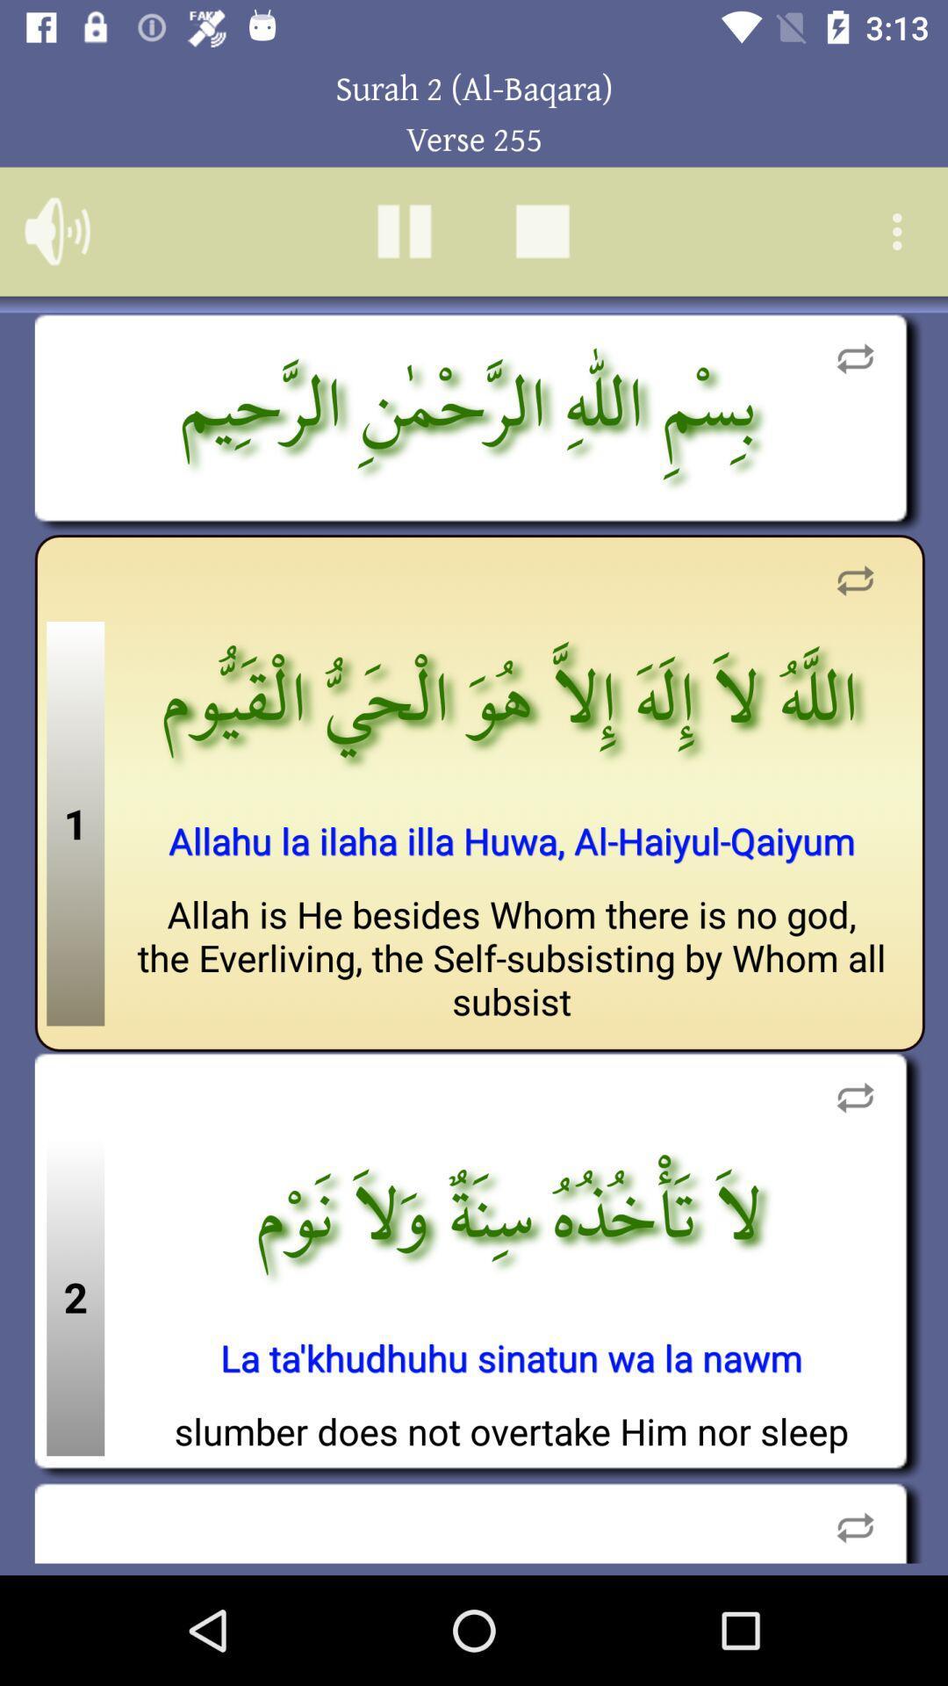 The width and height of the screenshot is (948, 1686). What do you see at coordinates (854, 1521) in the screenshot?
I see `continuous play` at bounding box center [854, 1521].